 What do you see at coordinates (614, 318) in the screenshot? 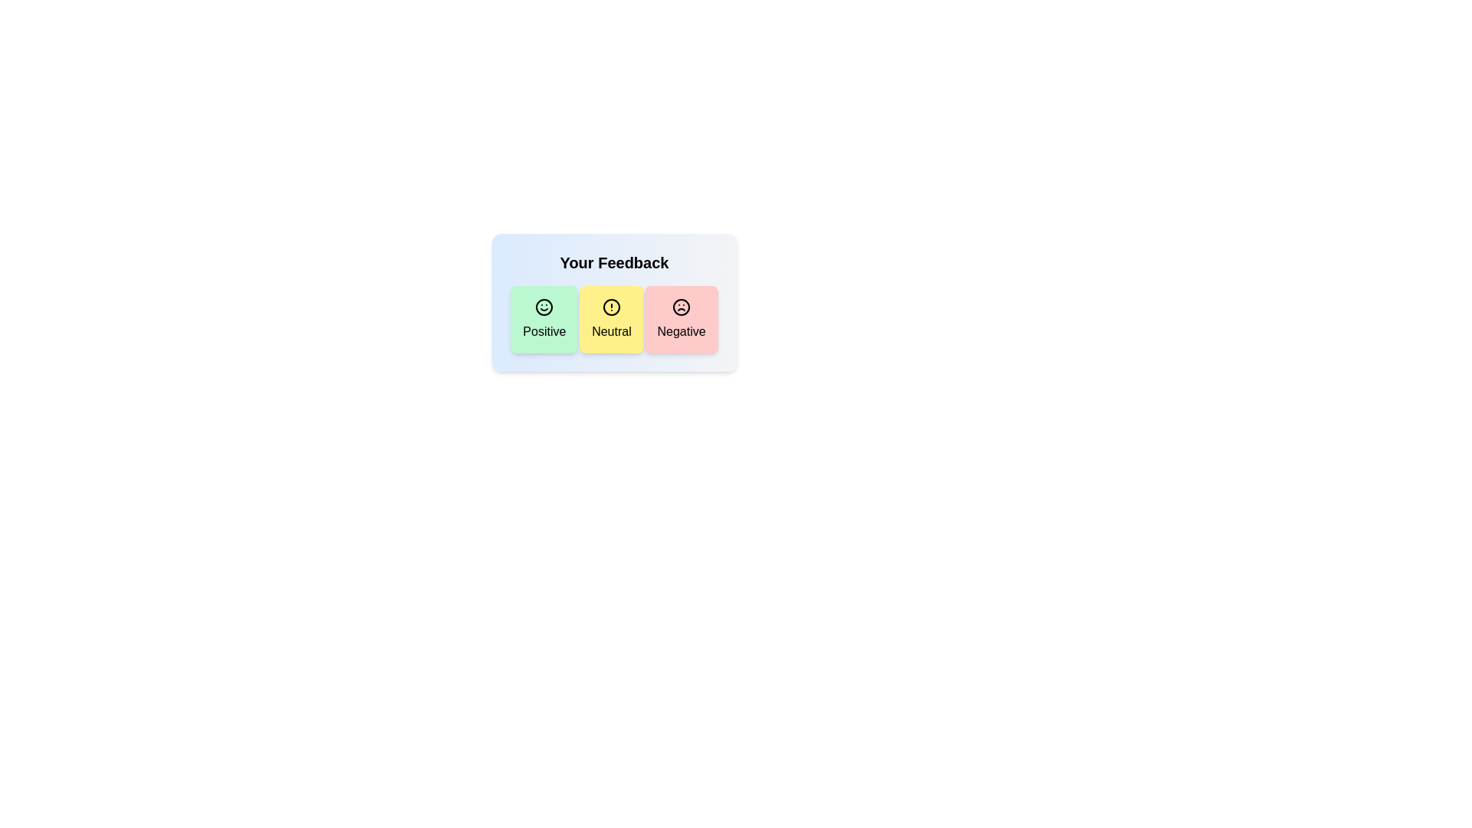
I see `the neutral feedback button located between the positive and negative buttons in the 'Your Feedback' section` at bounding box center [614, 318].